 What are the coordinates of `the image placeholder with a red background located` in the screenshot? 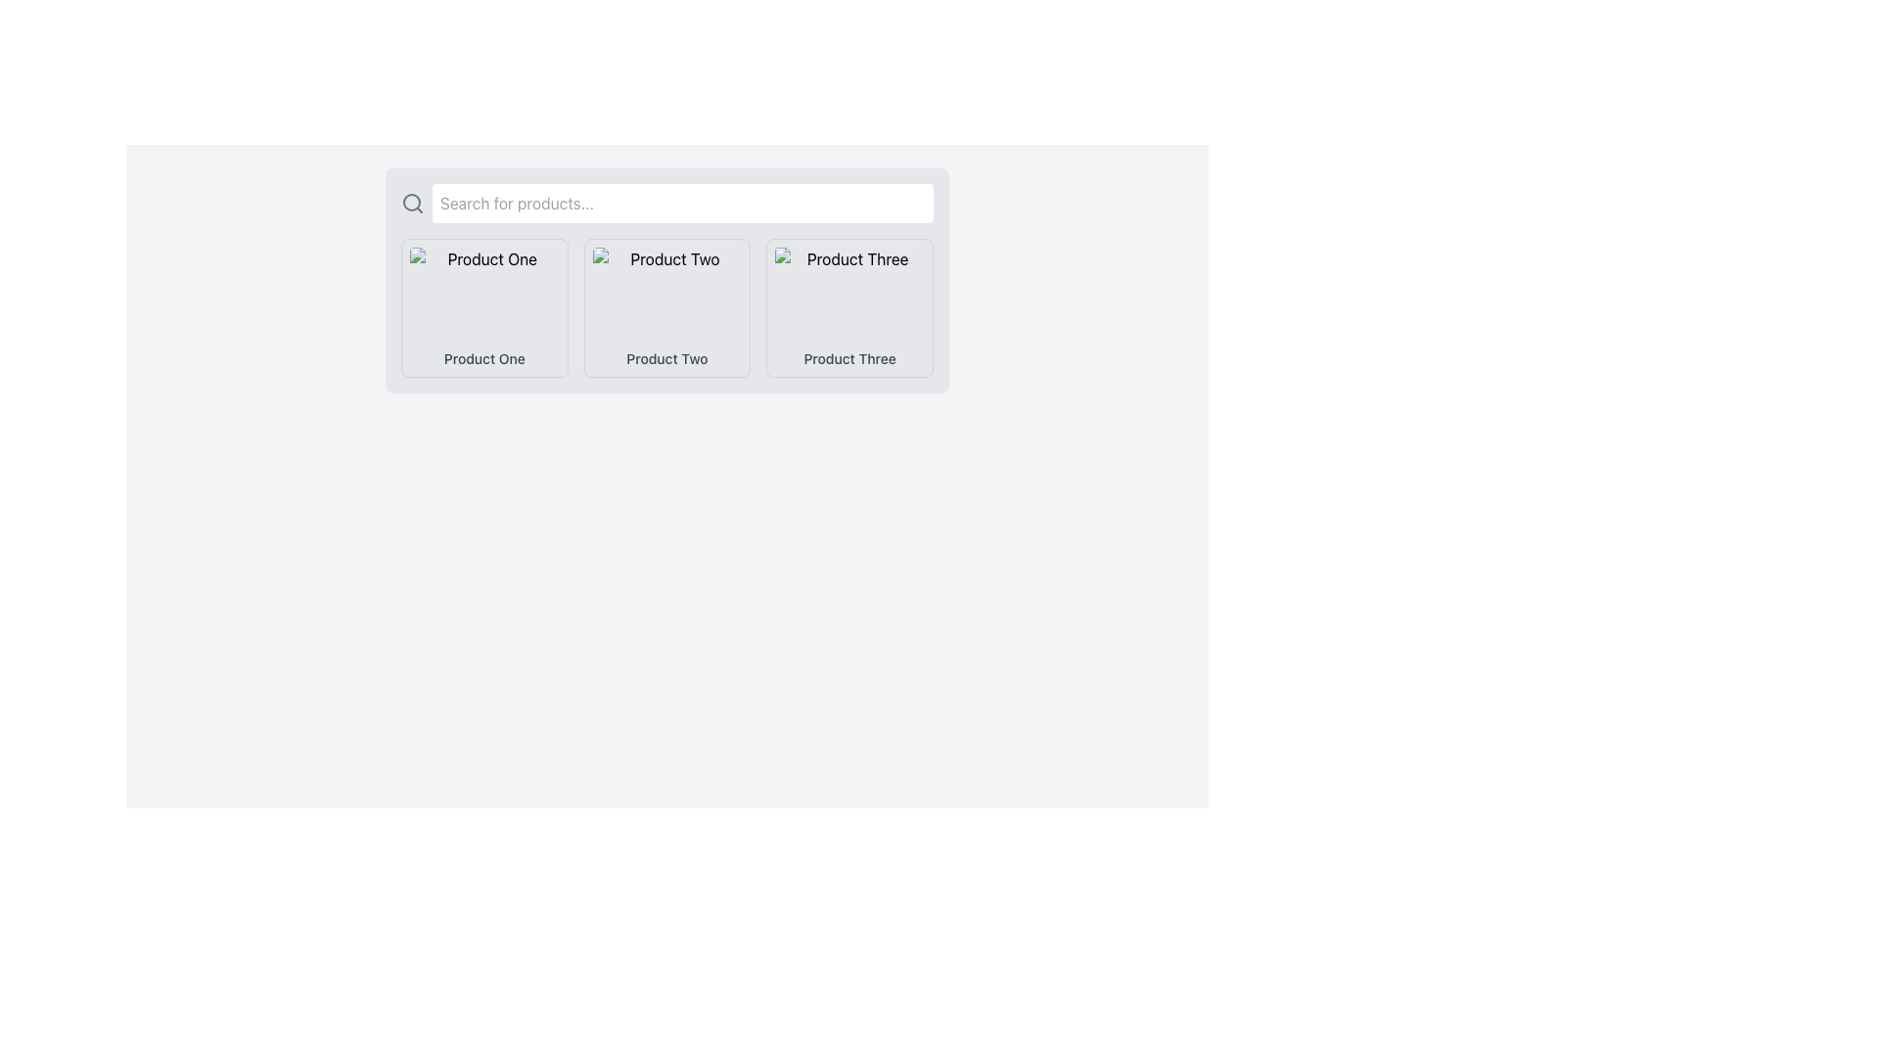 It's located at (849, 294).